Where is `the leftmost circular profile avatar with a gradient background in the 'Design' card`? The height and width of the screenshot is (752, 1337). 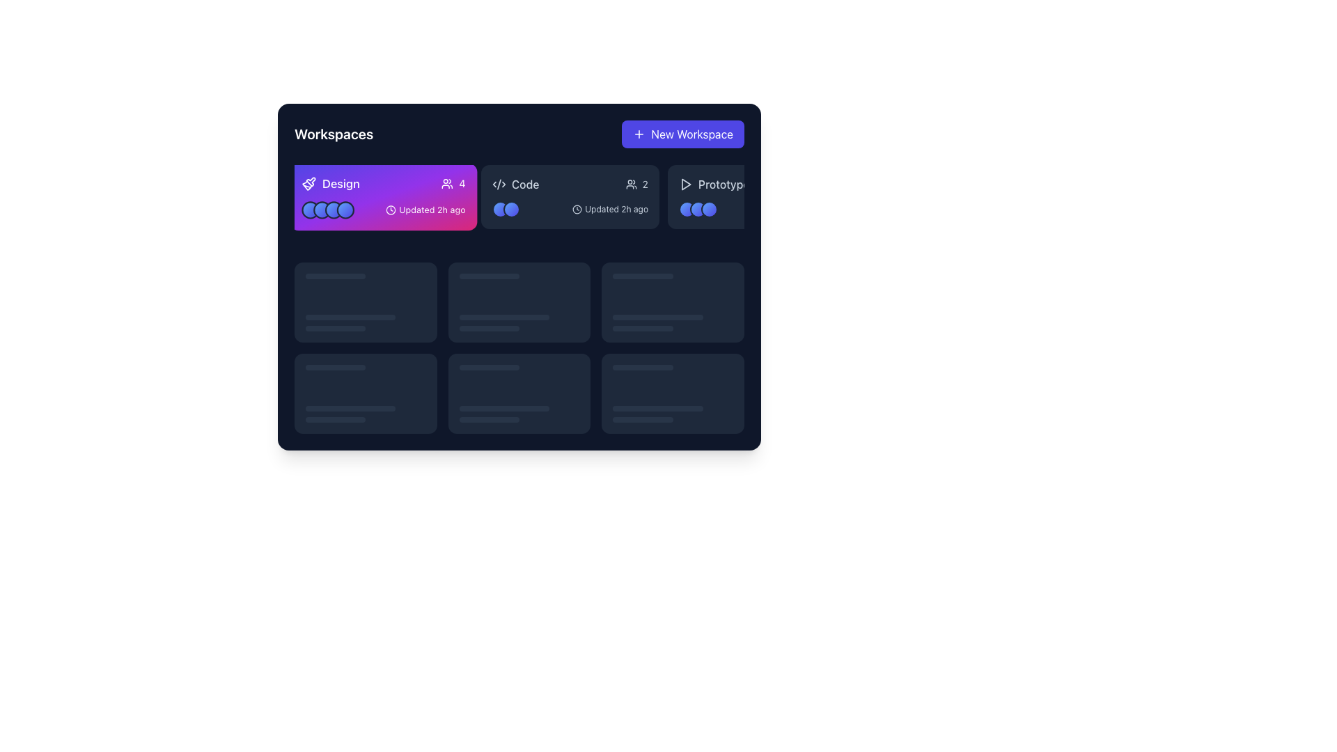 the leftmost circular profile avatar with a gradient background in the 'Design' card is located at coordinates (310, 209).